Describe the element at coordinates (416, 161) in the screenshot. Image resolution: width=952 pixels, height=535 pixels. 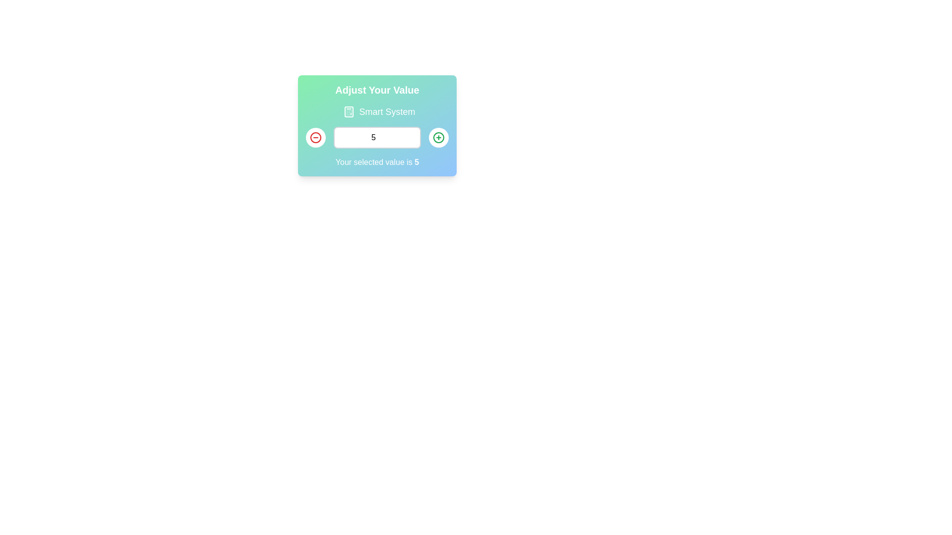
I see `numeric character '5' displayed within the sentence 'Your selected value is 5' at the bottom of the modal card interface` at that location.